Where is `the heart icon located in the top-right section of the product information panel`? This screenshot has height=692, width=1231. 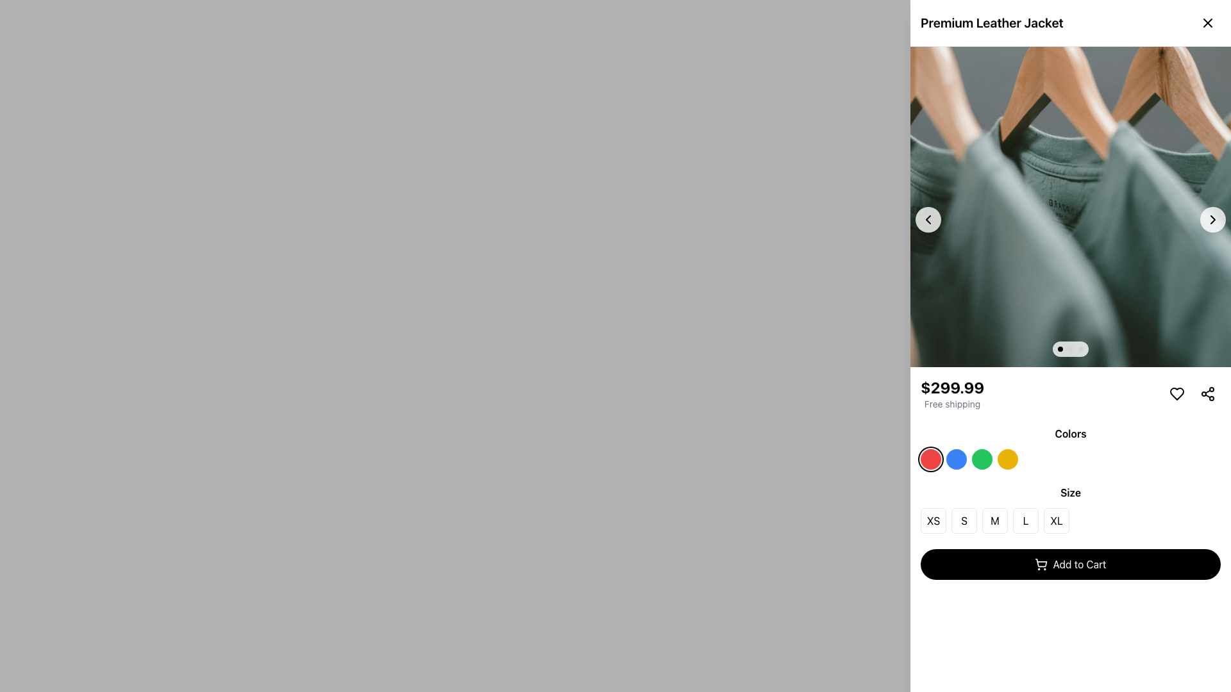 the heart icon located in the top-right section of the product information panel is located at coordinates (1177, 393).